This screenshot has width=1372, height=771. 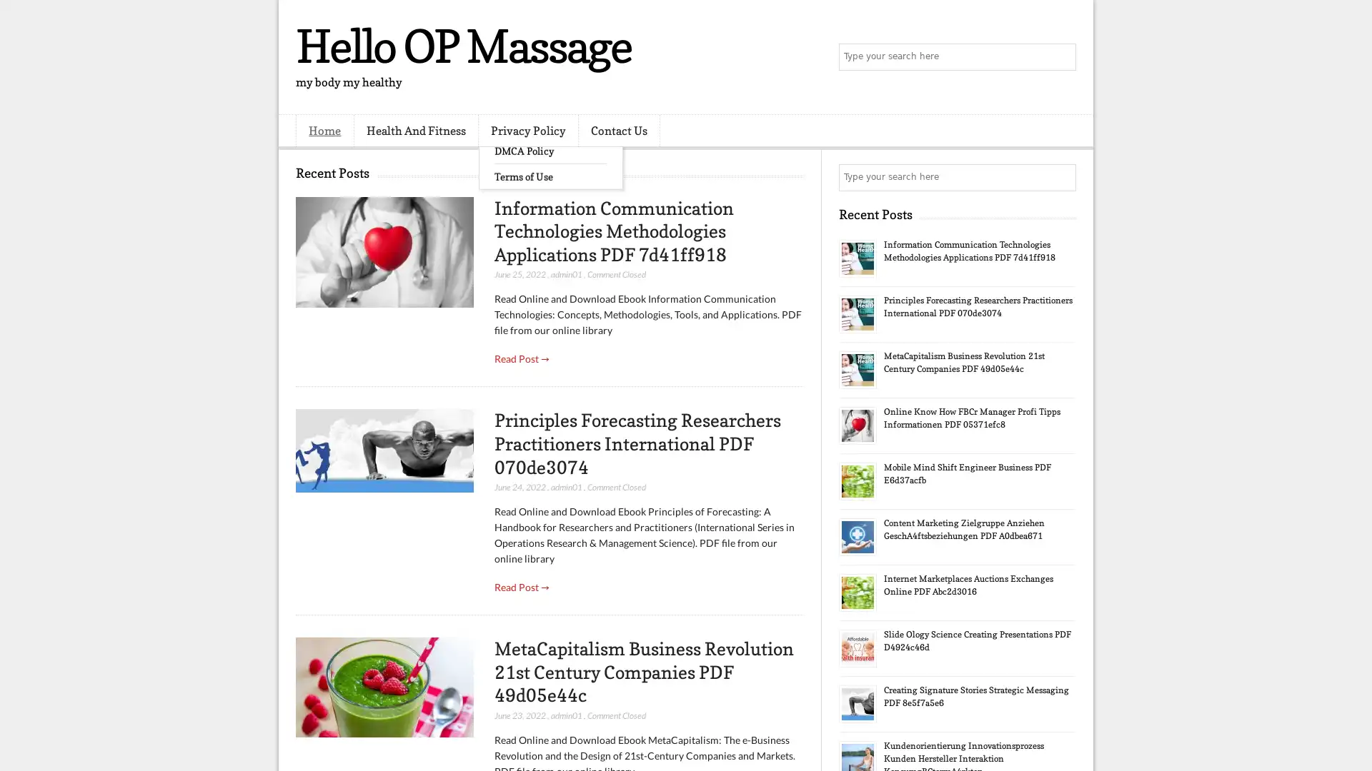 I want to click on Search, so click(x=1061, y=177).